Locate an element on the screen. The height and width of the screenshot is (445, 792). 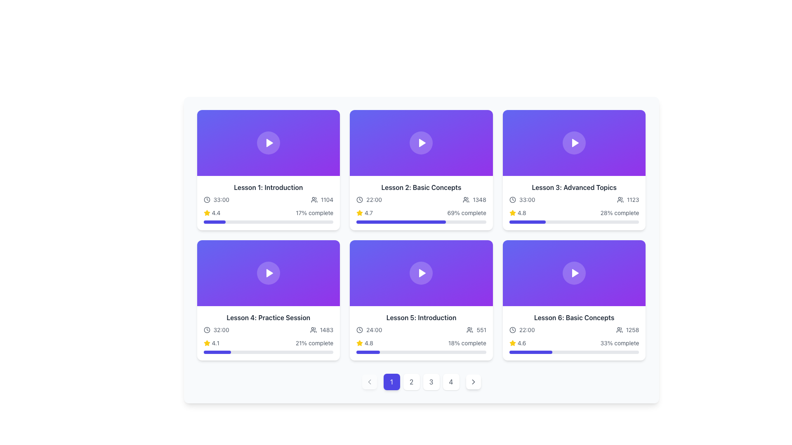
the progress level of the gray progress bar with rounded corners, which indicates a 21% completion, located at the bottom of the card labeled 'Lesson 4: Practice Session' is located at coordinates (268, 352).